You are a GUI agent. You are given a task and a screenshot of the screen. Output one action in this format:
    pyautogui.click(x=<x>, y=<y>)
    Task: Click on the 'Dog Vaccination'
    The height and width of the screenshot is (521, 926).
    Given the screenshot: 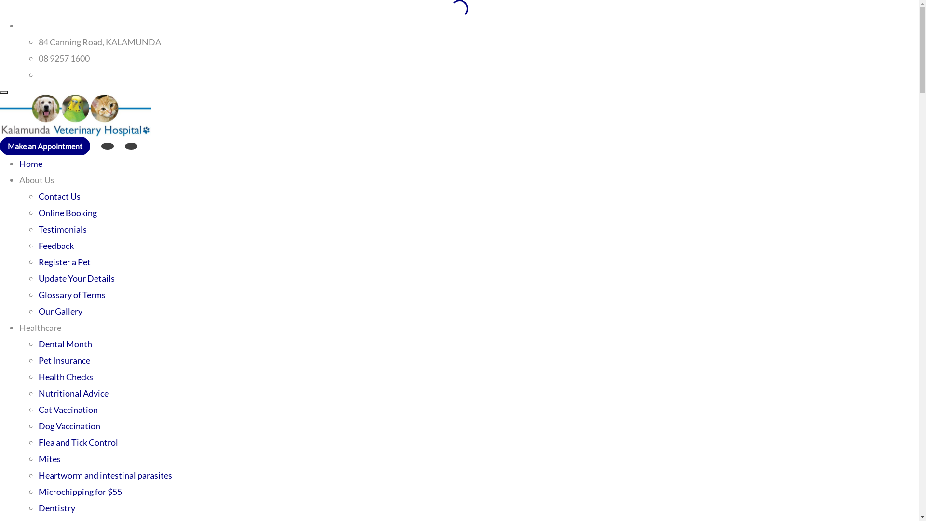 What is the action you would take?
    pyautogui.click(x=39, y=425)
    